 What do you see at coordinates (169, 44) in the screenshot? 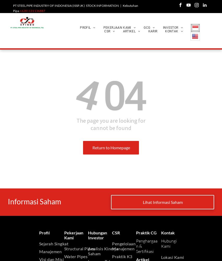
I see `'Penghargaan dan Sertifikasi'` at bounding box center [169, 44].